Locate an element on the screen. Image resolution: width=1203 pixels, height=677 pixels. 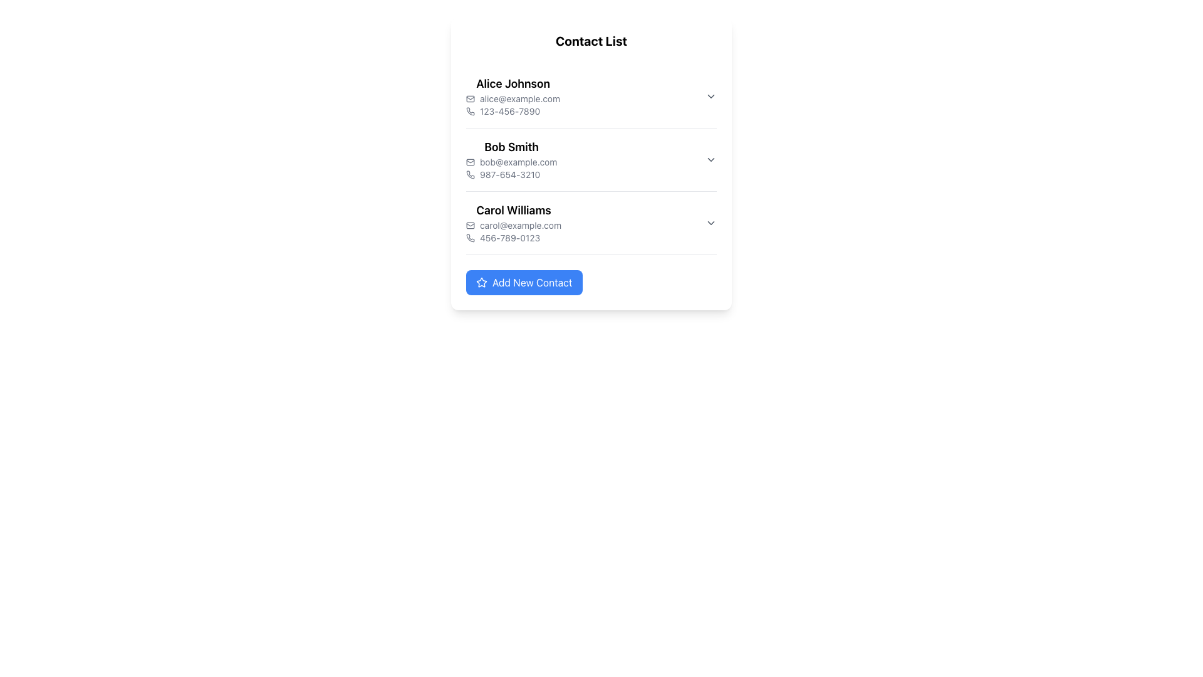
the email icon representing 'alice@example.com' next to Alice Johnson's contact information is located at coordinates (469, 98).